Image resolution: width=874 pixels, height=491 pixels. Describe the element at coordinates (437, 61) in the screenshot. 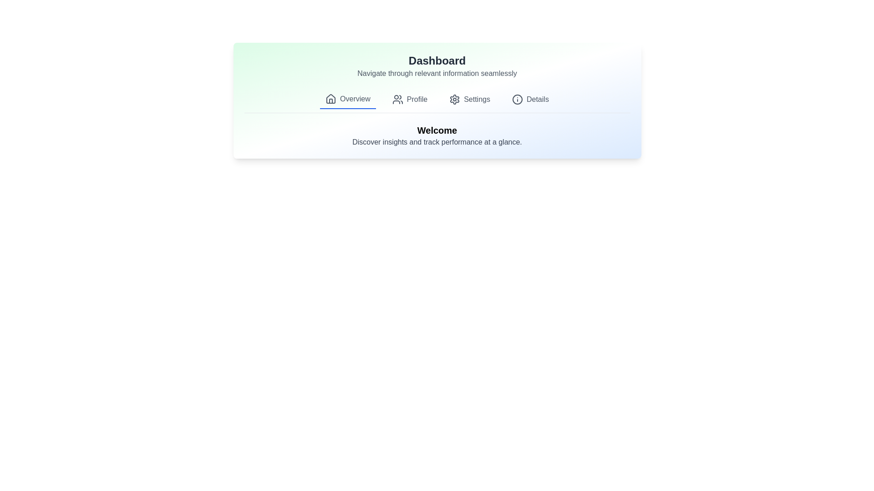

I see `the 'Dashboard' title label located at the top central region of the interface` at that location.